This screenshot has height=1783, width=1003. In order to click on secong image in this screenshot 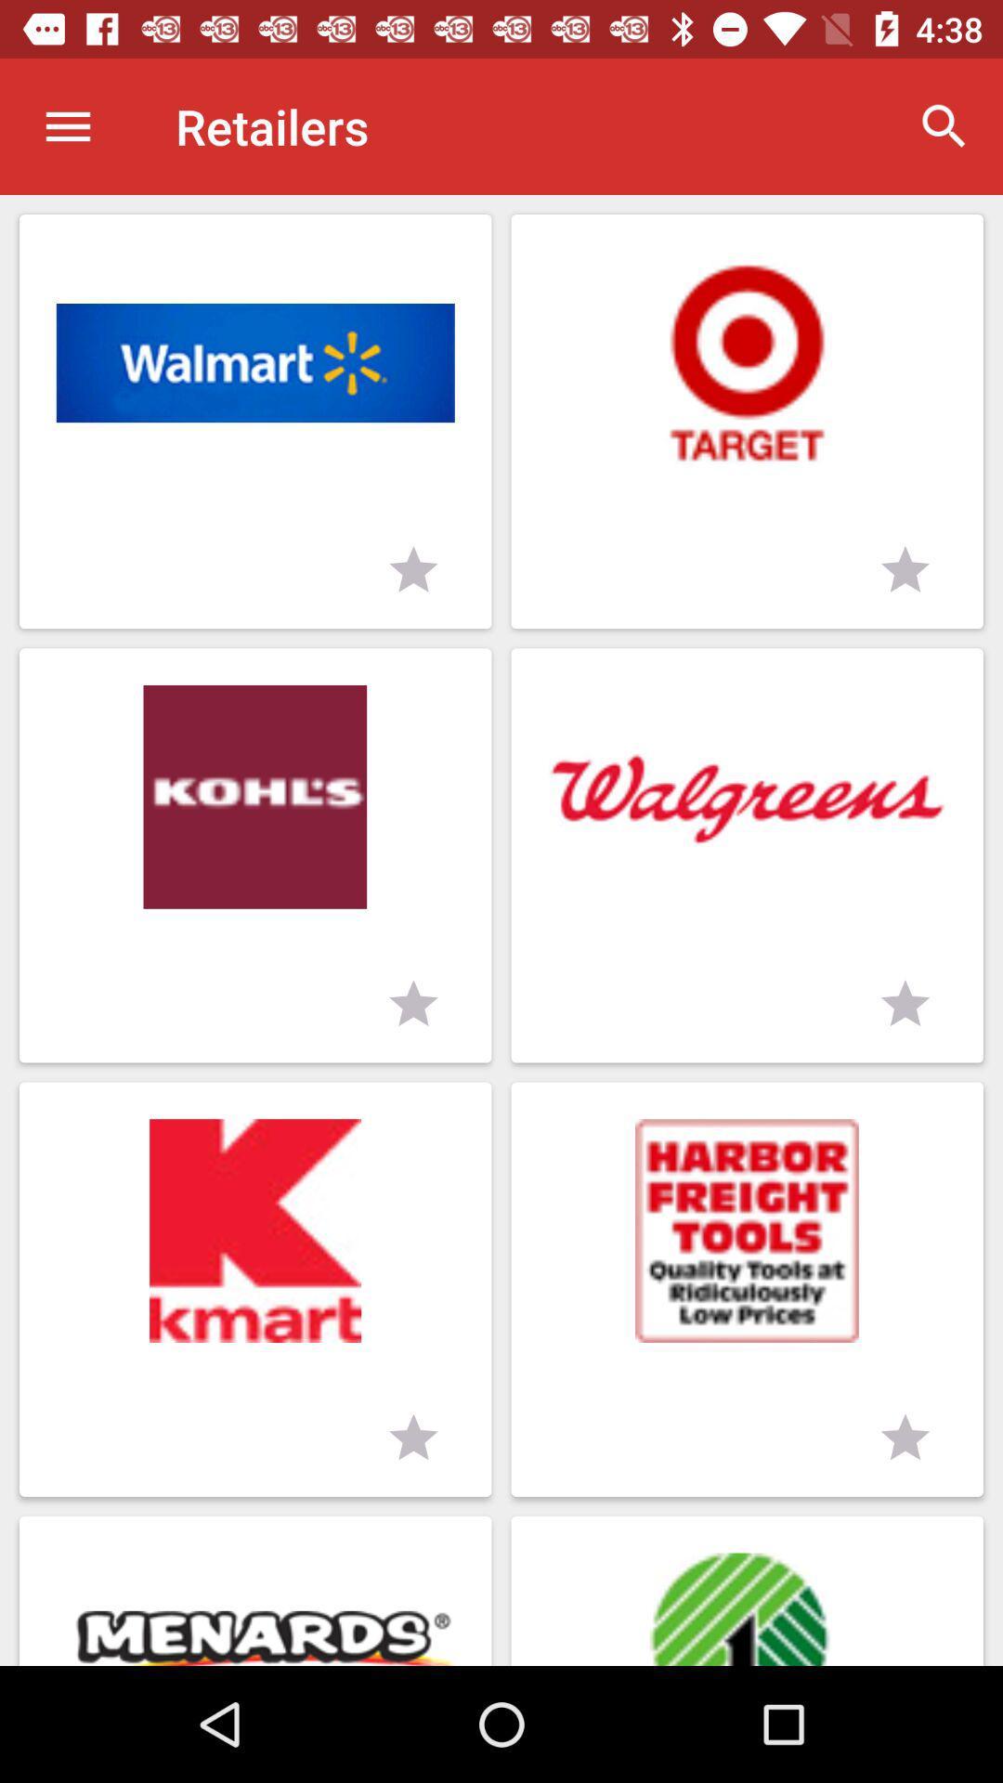, I will do `click(746, 363)`.